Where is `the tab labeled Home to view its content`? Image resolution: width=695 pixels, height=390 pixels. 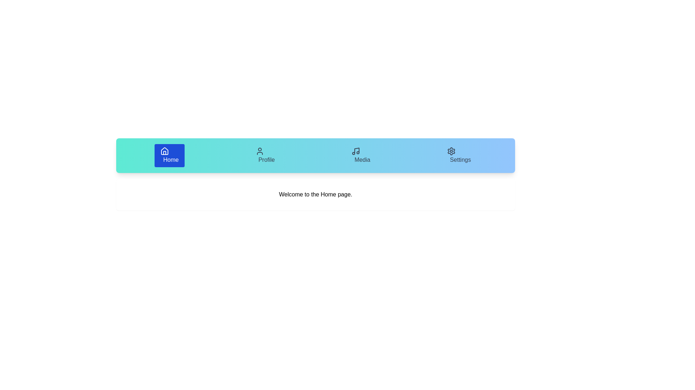 the tab labeled Home to view its content is located at coordinates (169, 155).